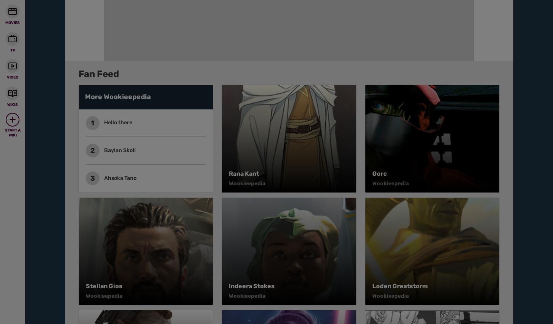 Image resolution: width=553 pixels, height=324 pixels. Describe the element at coordinates (113, 36) in the screenshot. I see `'Fanatical'` at that location.